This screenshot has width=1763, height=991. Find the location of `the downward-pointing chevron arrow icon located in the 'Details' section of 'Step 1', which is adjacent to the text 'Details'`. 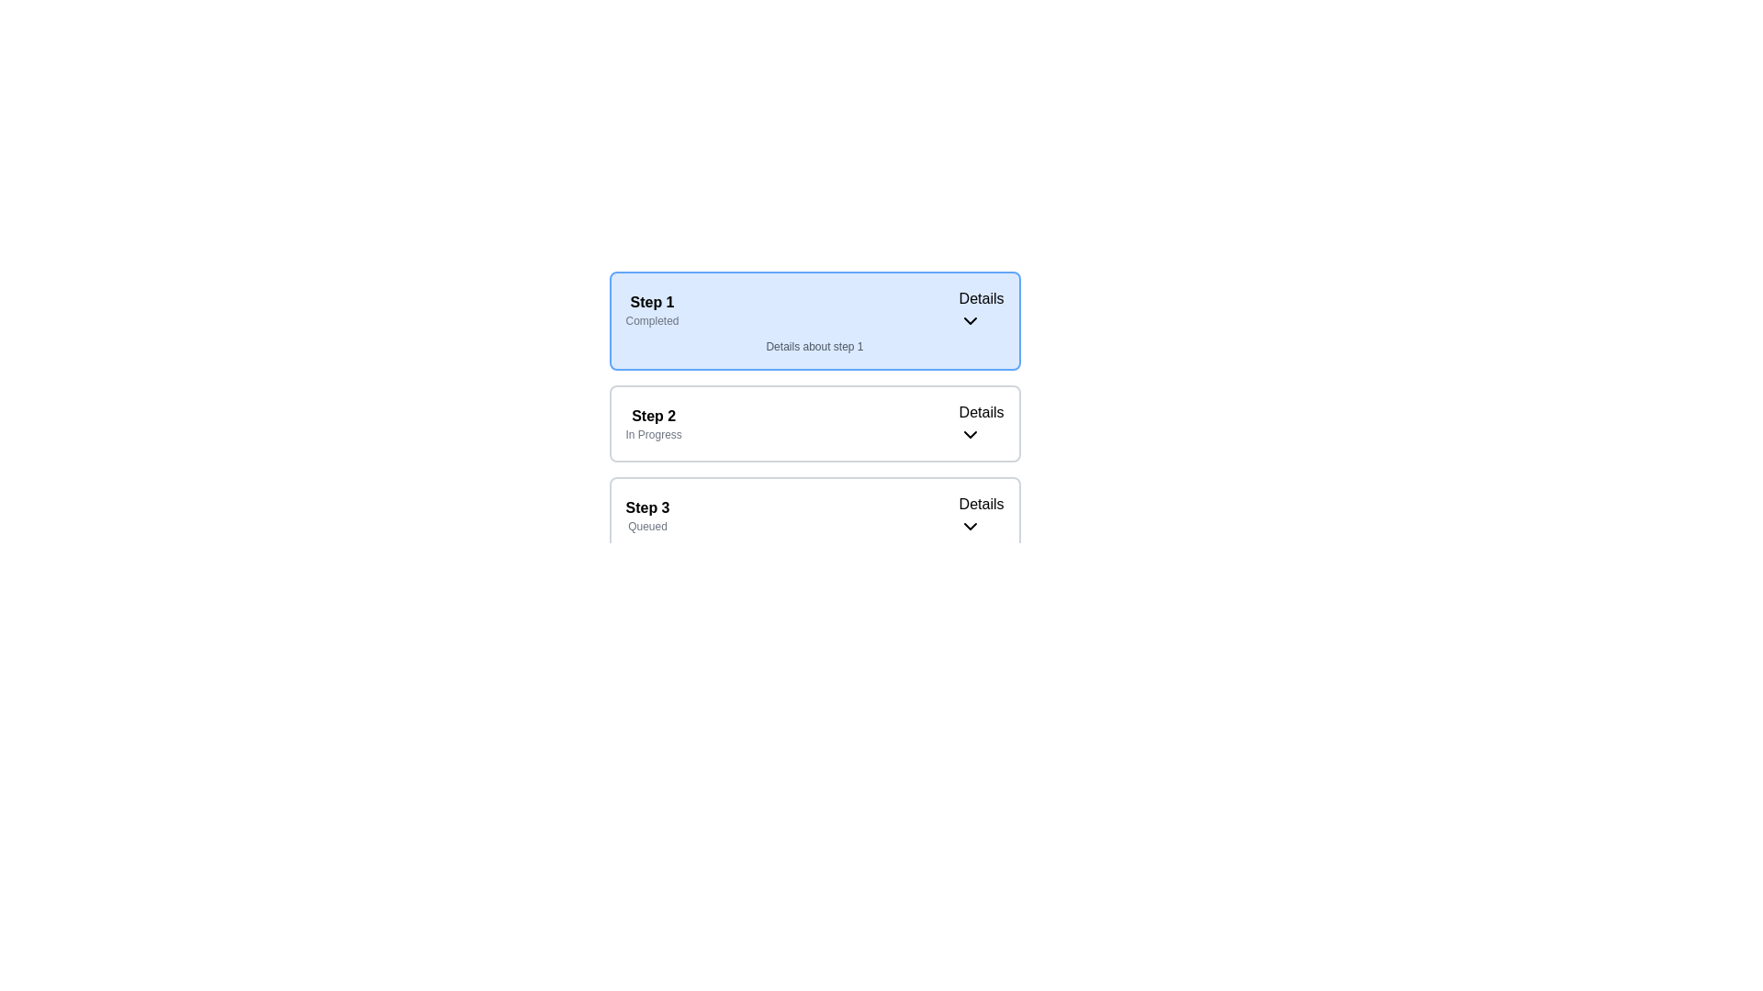

the downward-pointing chevron arrow icon located in the 'Details' section of 'Step 1', which is adjacent to the text 'Details' is located at coordinates (969, 320).